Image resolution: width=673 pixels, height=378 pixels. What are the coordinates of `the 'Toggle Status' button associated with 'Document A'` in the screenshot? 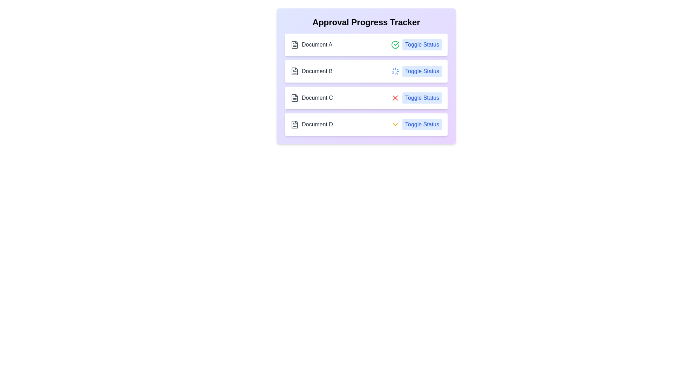 It's located at (422, 44).